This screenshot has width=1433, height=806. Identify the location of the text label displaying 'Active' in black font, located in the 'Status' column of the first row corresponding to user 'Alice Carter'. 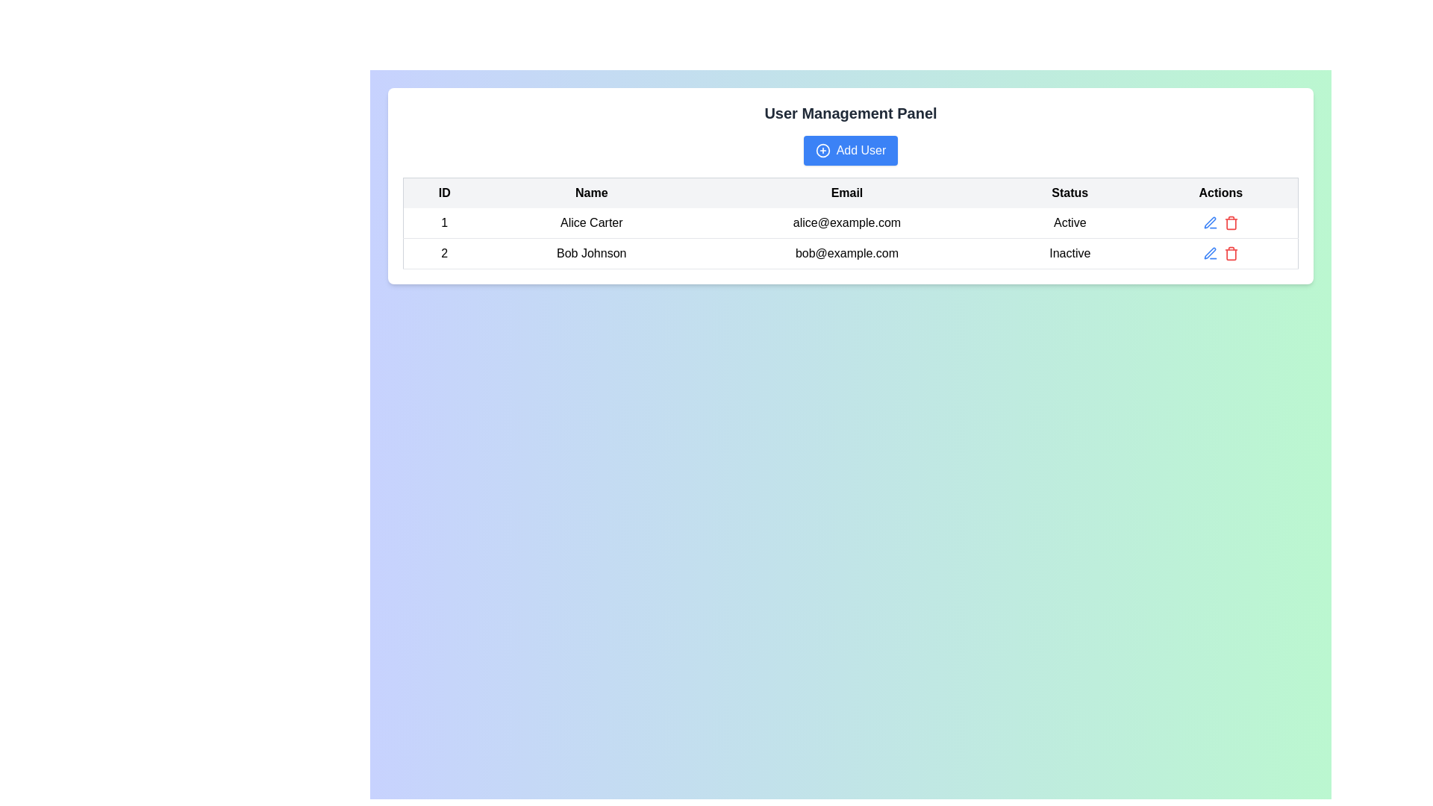
(1069, 223).